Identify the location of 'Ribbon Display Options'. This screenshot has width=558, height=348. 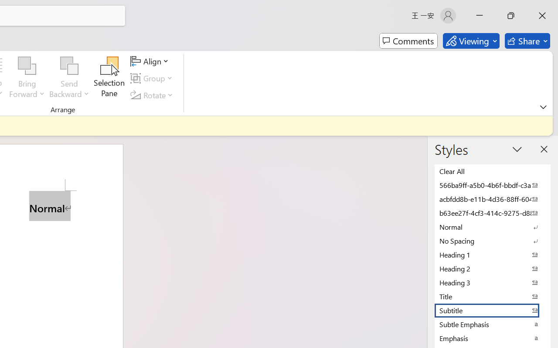
(543, 107).